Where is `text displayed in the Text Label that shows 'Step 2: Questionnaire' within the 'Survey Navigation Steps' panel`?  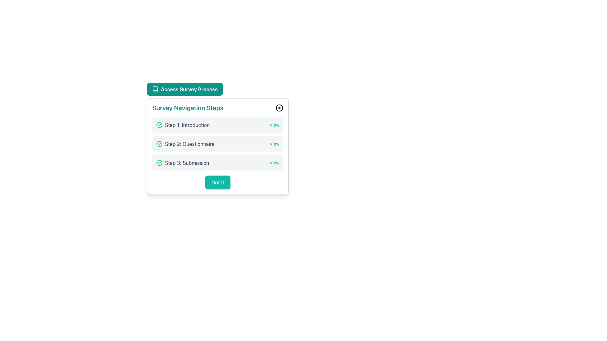 text displayed in the Text Label that shows 'Step 2: Questionnaire' within the 'Survey Navigation Steps' panel is located at coordinates (189, 144).